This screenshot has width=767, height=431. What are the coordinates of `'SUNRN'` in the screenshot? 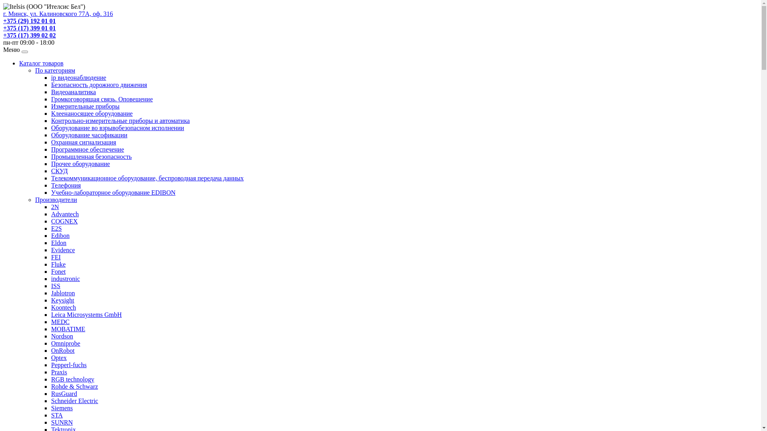 It's located at (61, 422).